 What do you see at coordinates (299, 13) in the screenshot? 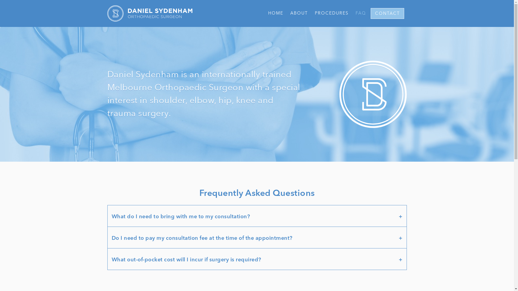
I see `'ABOUT'` at bounding box center [299, 13].